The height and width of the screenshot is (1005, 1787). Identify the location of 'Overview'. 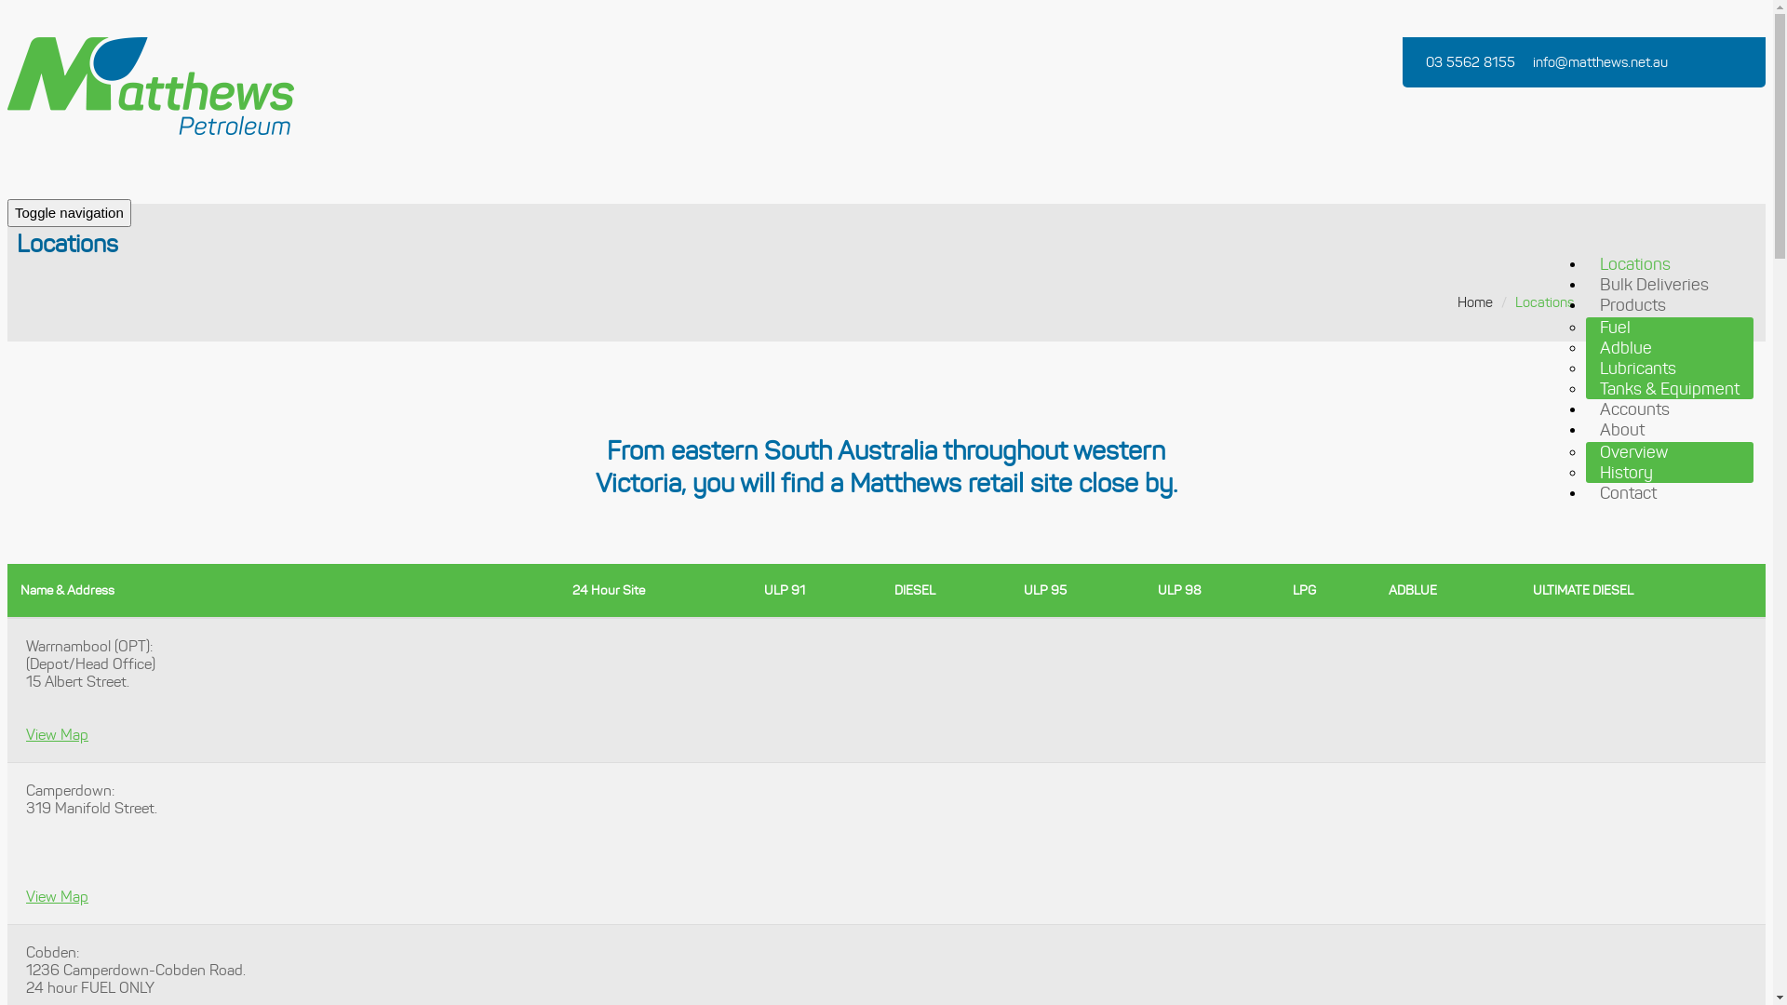
(1632, 452).